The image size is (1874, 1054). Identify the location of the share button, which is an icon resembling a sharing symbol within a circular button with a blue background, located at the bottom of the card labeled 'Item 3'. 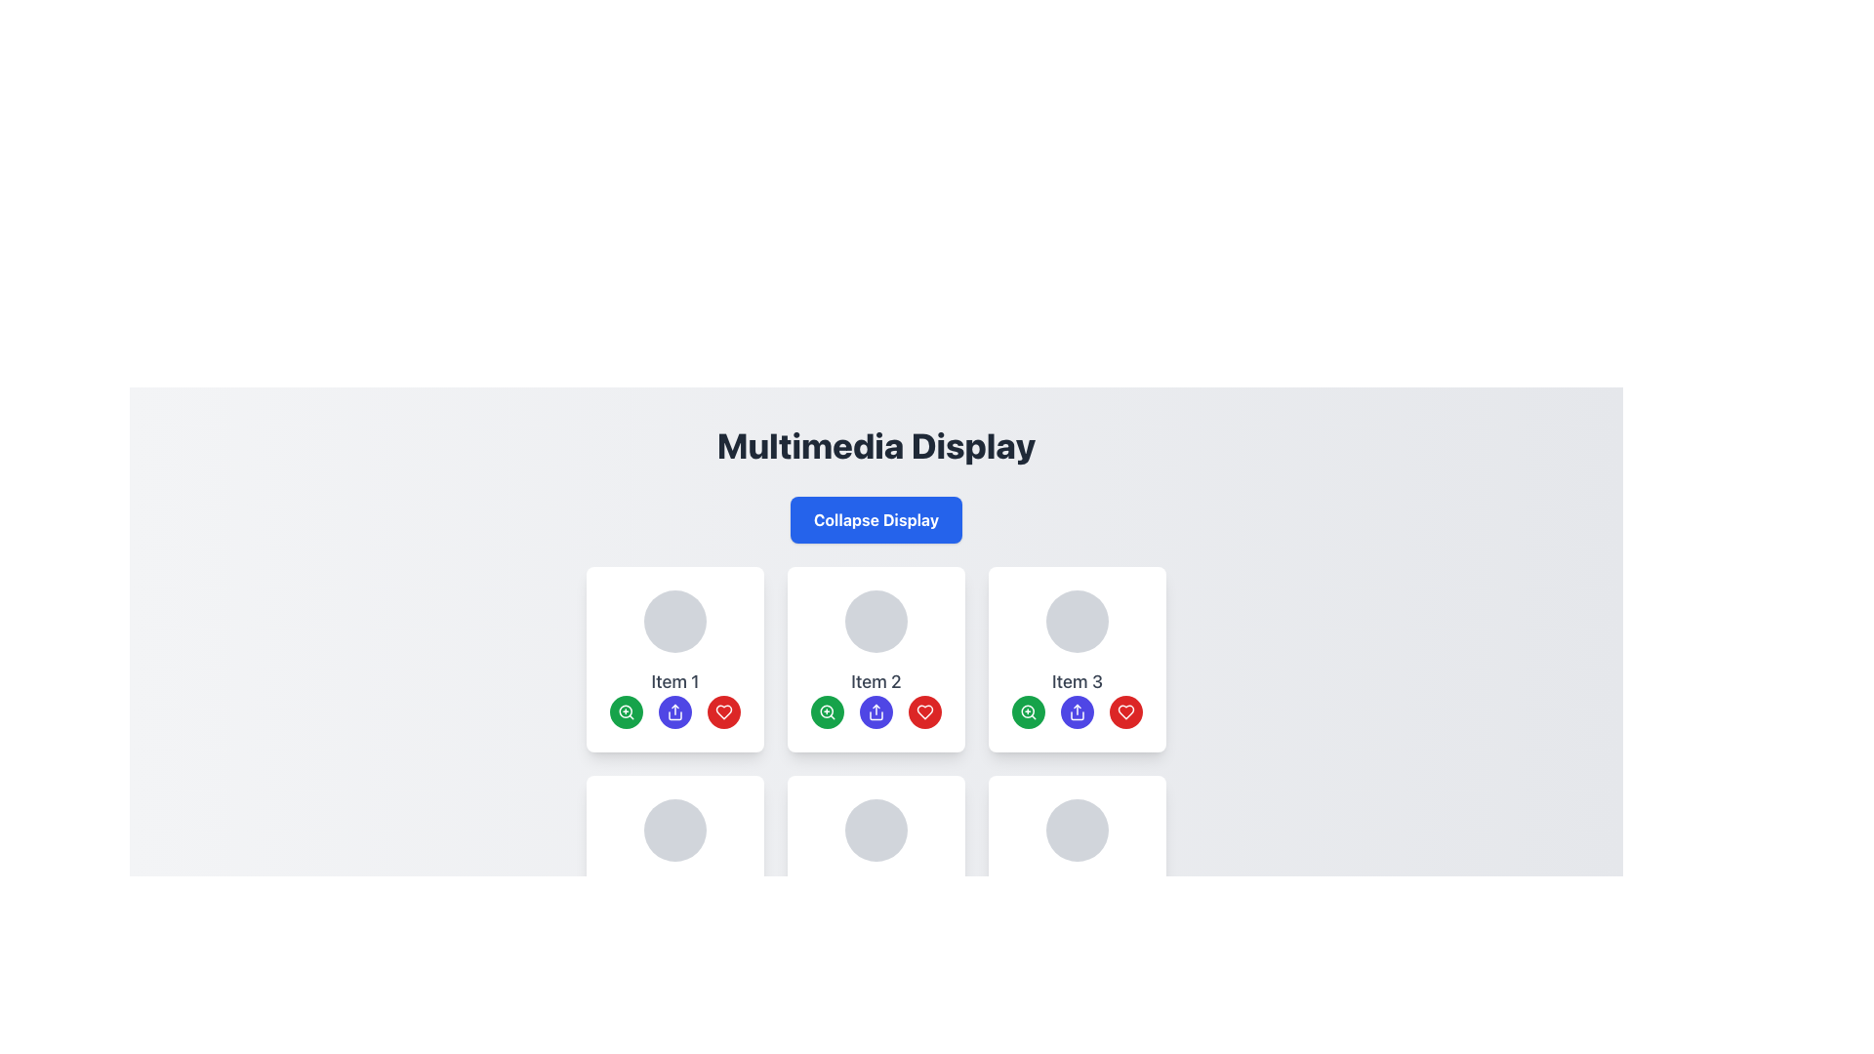
(1077, 711).